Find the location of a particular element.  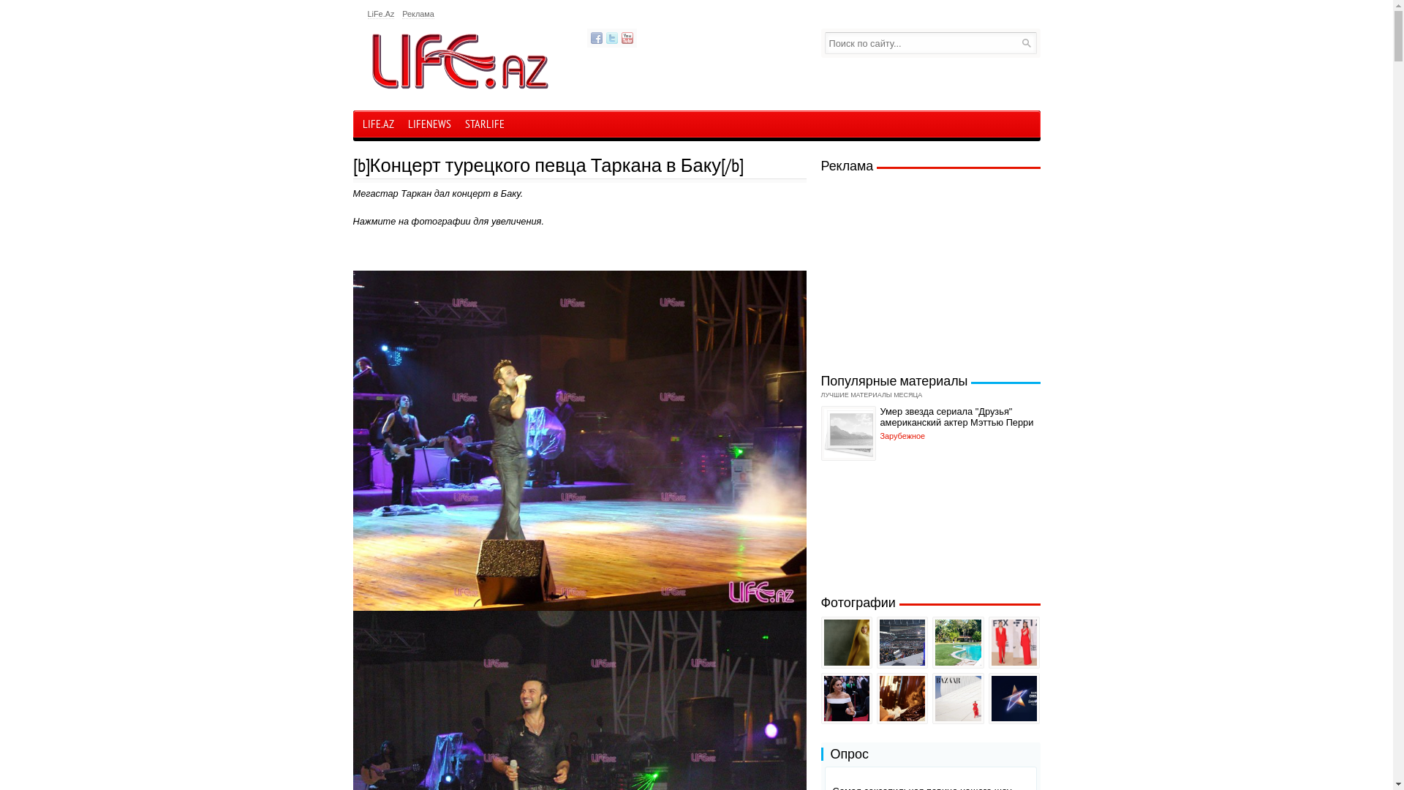

'LiFe.Az' is located at coordinates (380, 14).